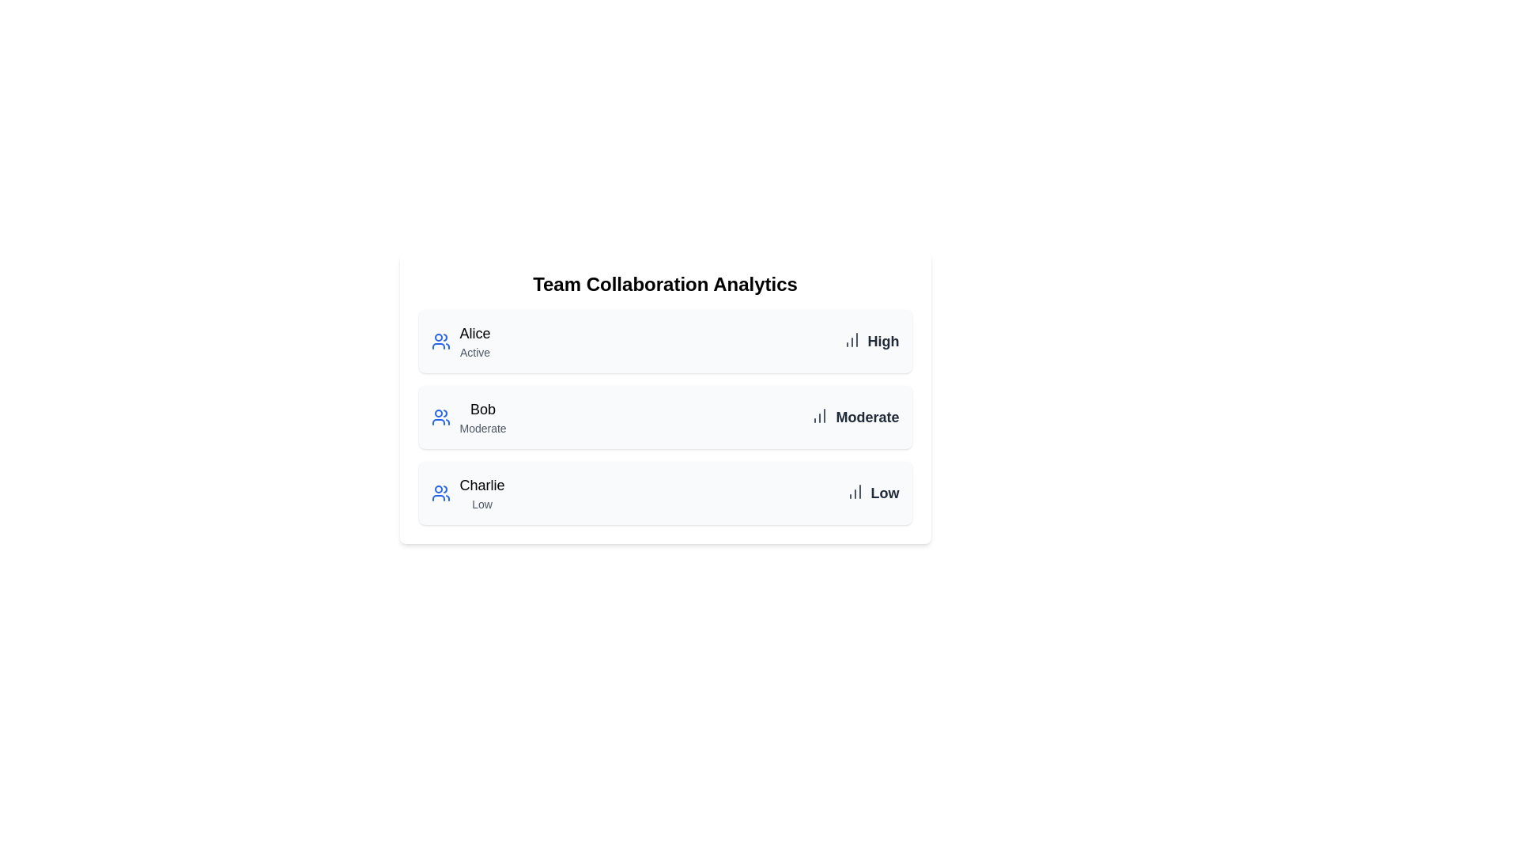 The image size is (1518, 854). I want to click on the user icon associated with Bob, so click(440, 417).